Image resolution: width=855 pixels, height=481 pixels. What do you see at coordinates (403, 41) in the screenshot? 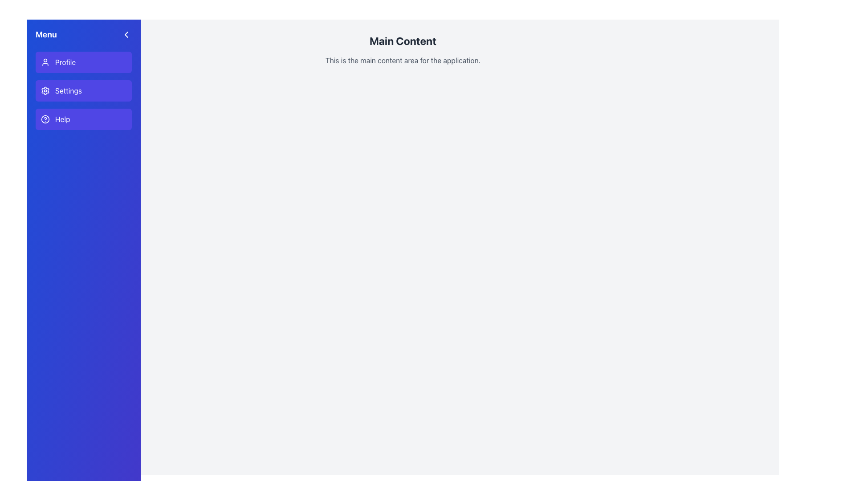
I see `heading that displays 'Main Content', which is a prominently bold and large-sized text indicating the section title` at bounding box center [403, 41].